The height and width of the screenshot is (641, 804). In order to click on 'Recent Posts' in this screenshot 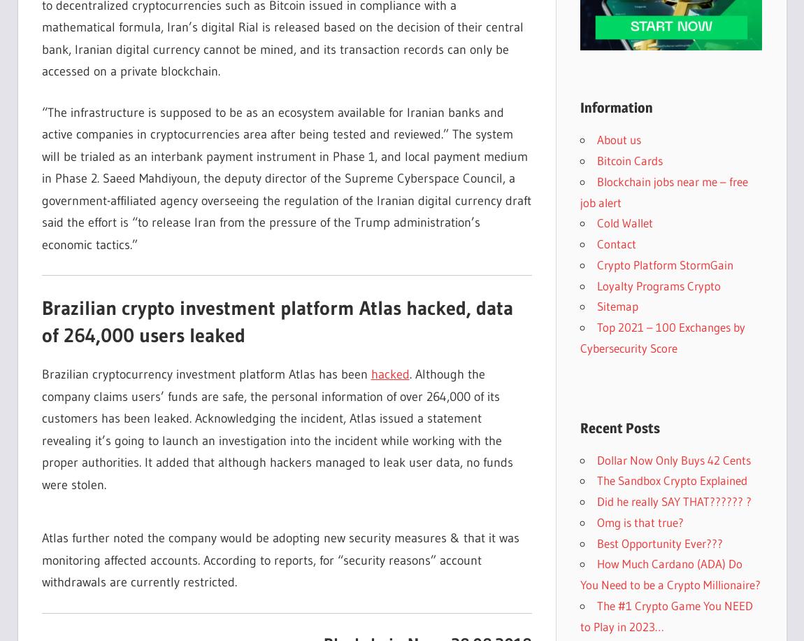, I will do `click(619, 427)`.